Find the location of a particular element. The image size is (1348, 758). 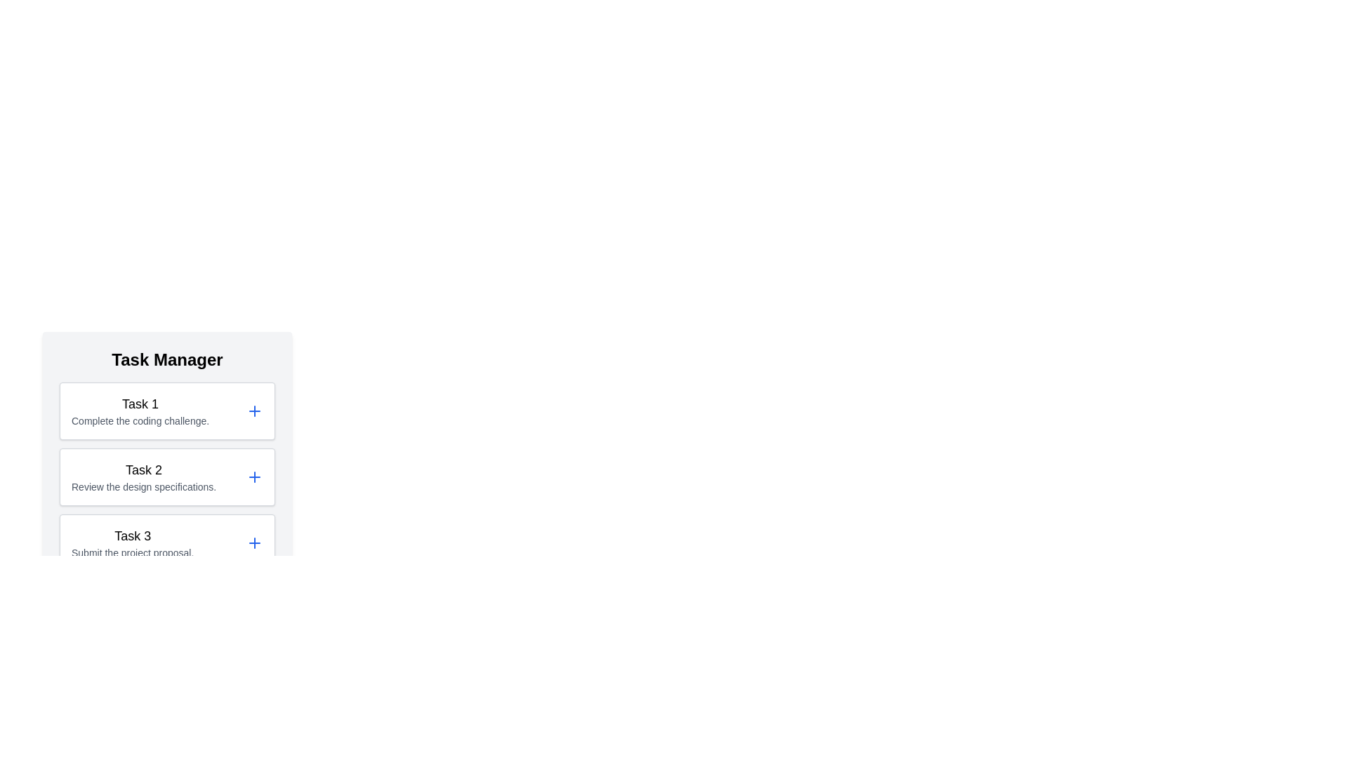

'+' icon for task 2 is located at coordinates (255, 476).